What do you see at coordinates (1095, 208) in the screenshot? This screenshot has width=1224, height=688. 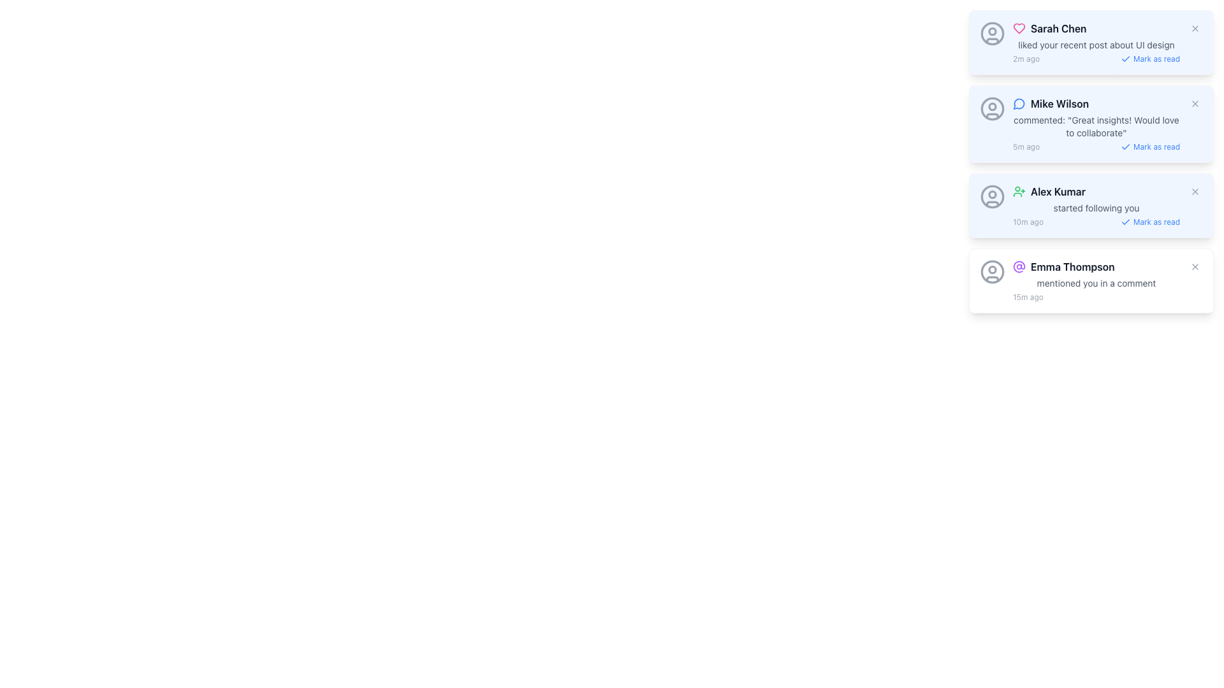 I see `the static text that says 'started following you' located in the notification card below 'Alex Kumar.'` at bounding box center [1095, 208].